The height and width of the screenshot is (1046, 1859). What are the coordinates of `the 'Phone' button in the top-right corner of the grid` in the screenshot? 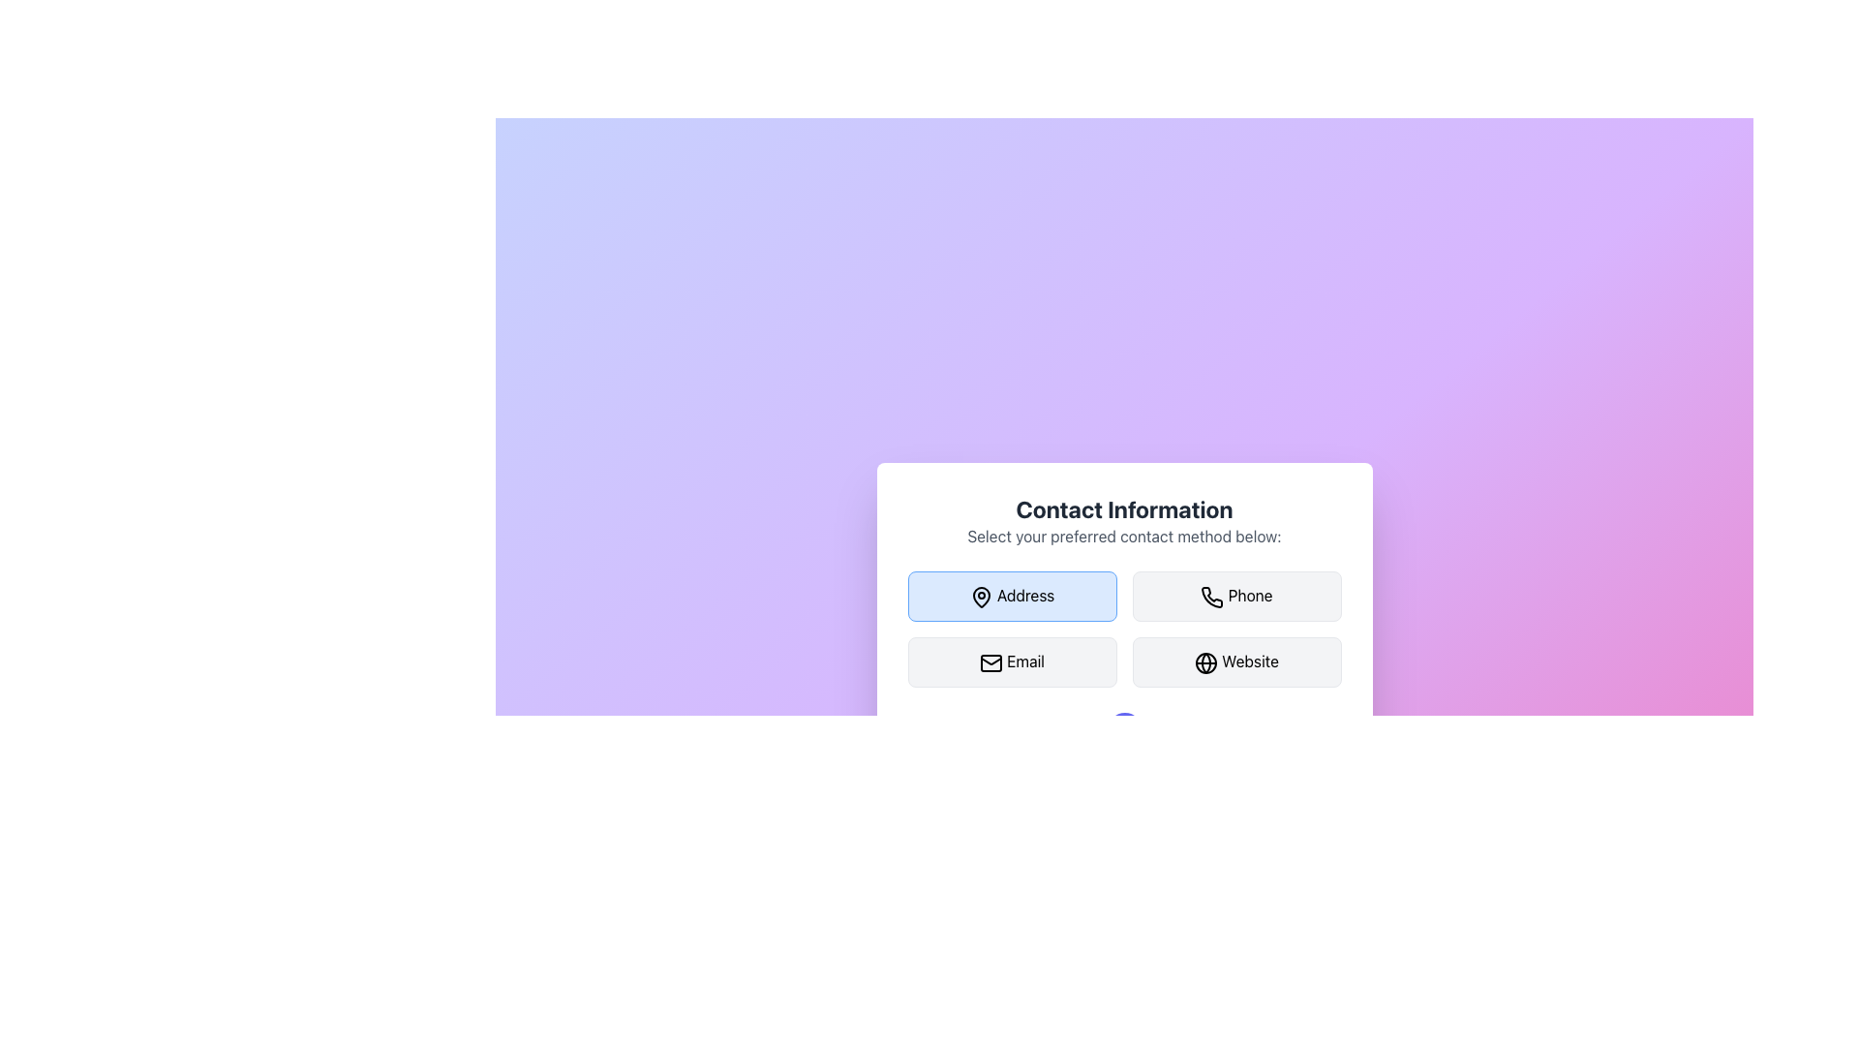 It's located at (1235, 596).